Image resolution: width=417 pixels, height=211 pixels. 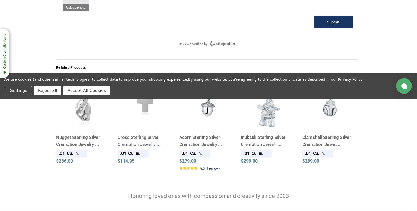 What do you see at coordinates (4, 51) in the screenshot?
I see `'Custom Cremation Urns'` at bounding box center [4, 51].